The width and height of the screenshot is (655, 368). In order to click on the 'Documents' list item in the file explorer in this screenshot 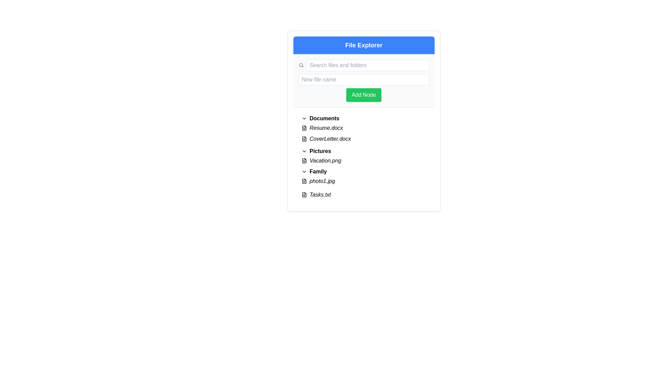, I will do `click(363, 129)`.